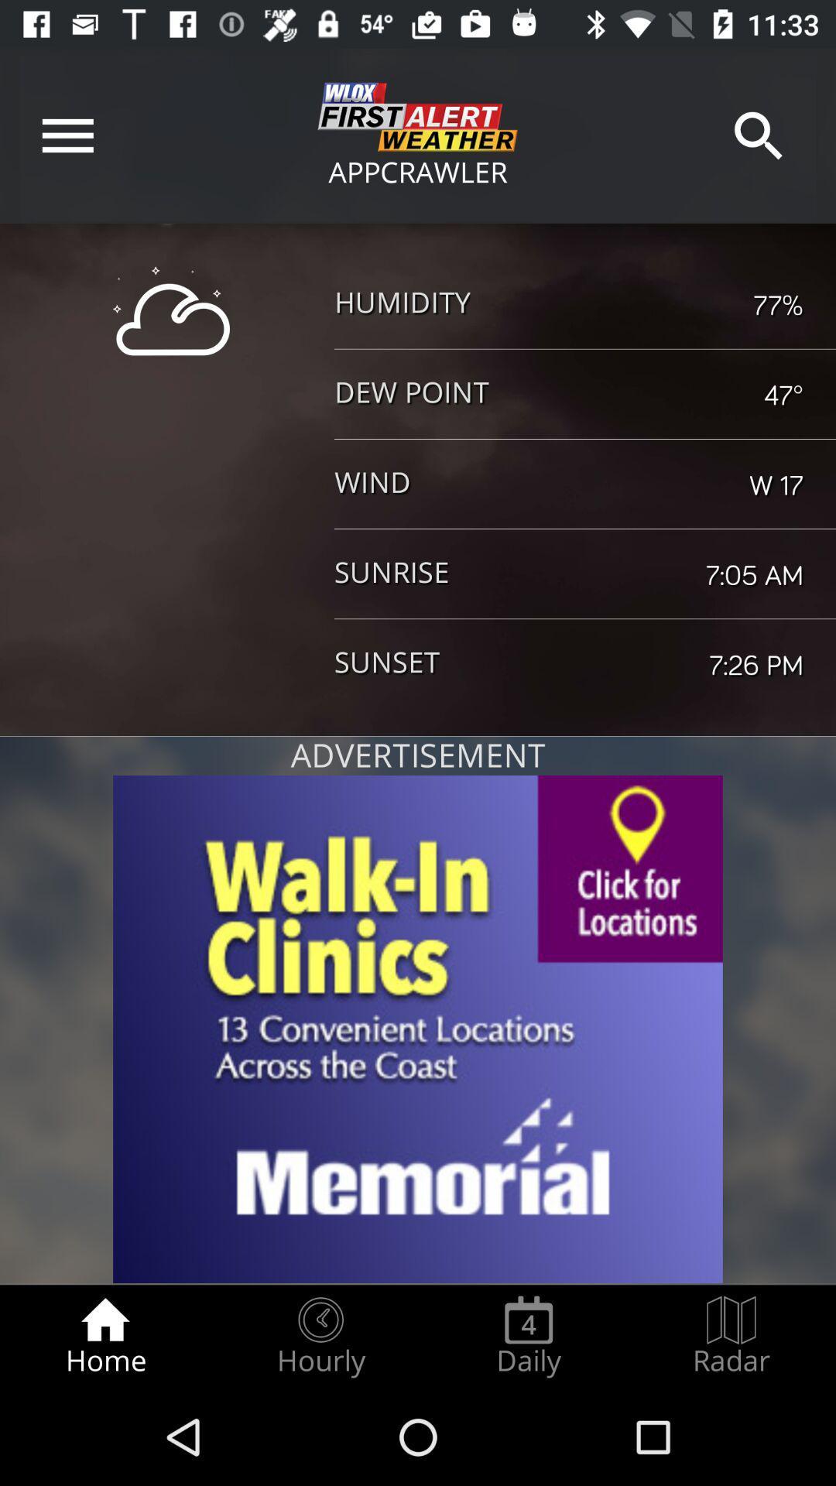 This screenshot has width=836, height=1486. I want to click on radar item, so click(731, 1336).